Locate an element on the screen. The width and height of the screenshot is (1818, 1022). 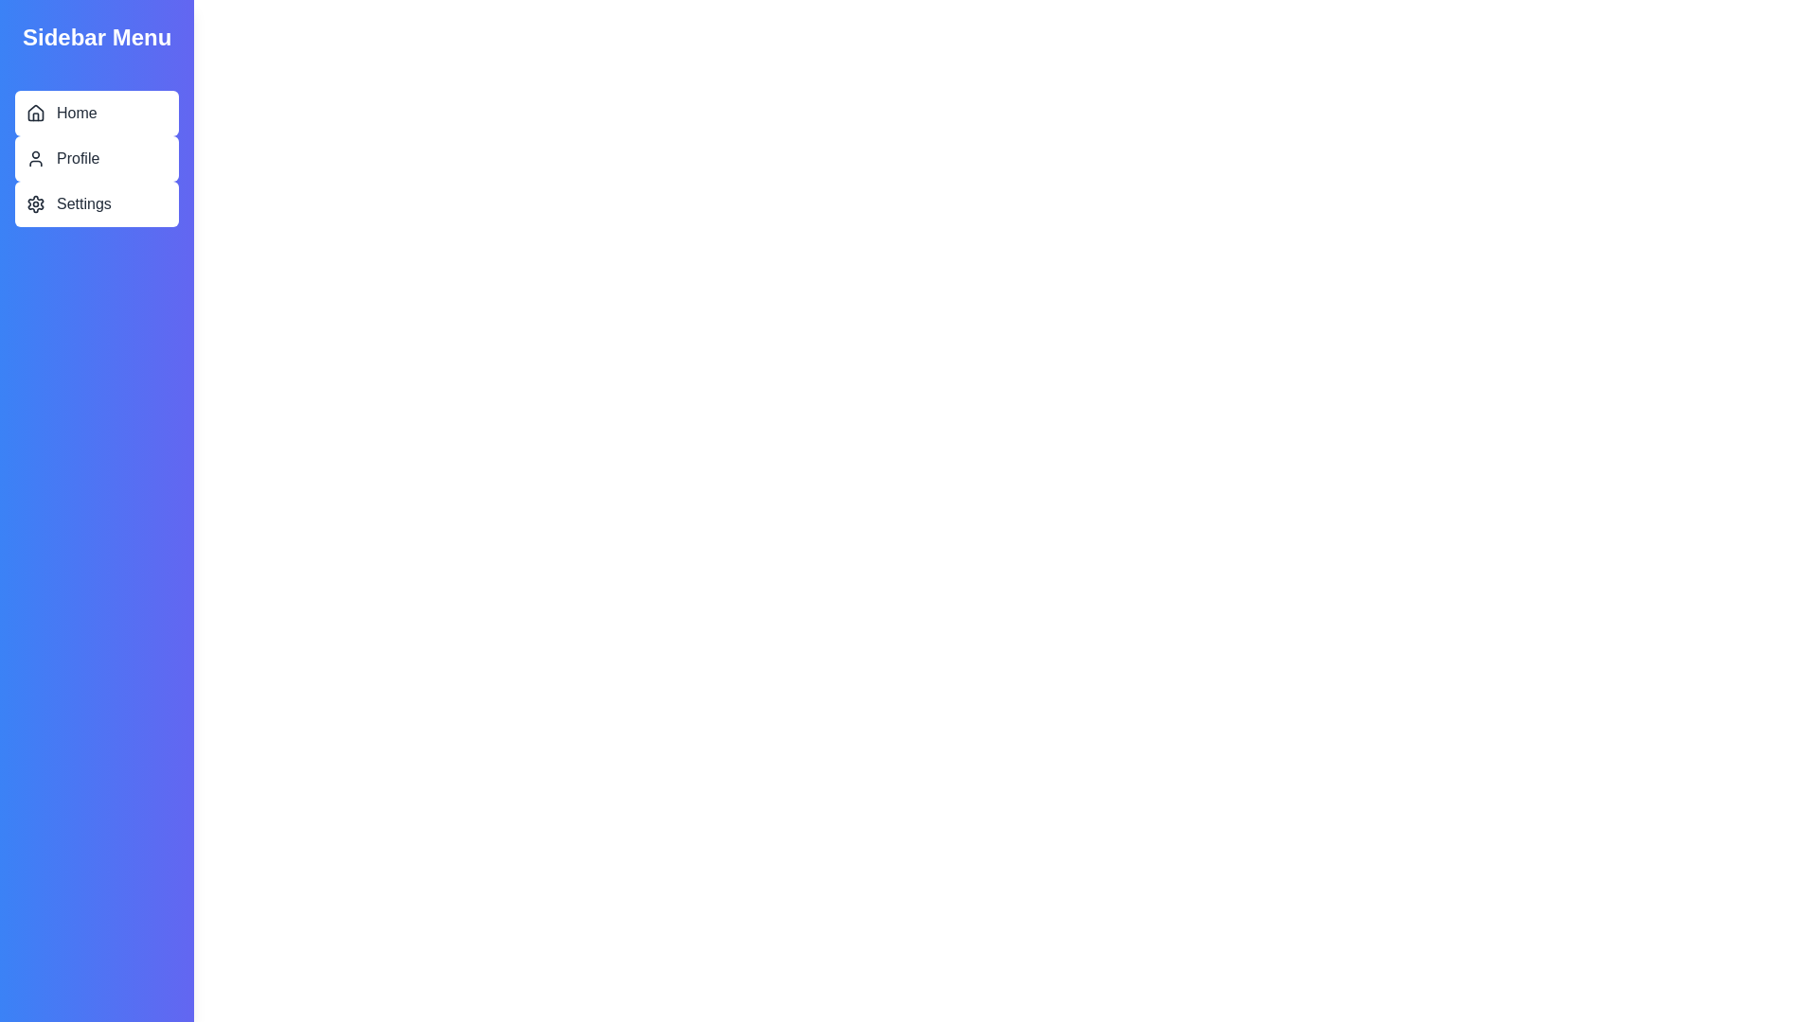
the gear icon within the 'Settings' button on the vertical sidebar menu is located at coordinates (36, 204).